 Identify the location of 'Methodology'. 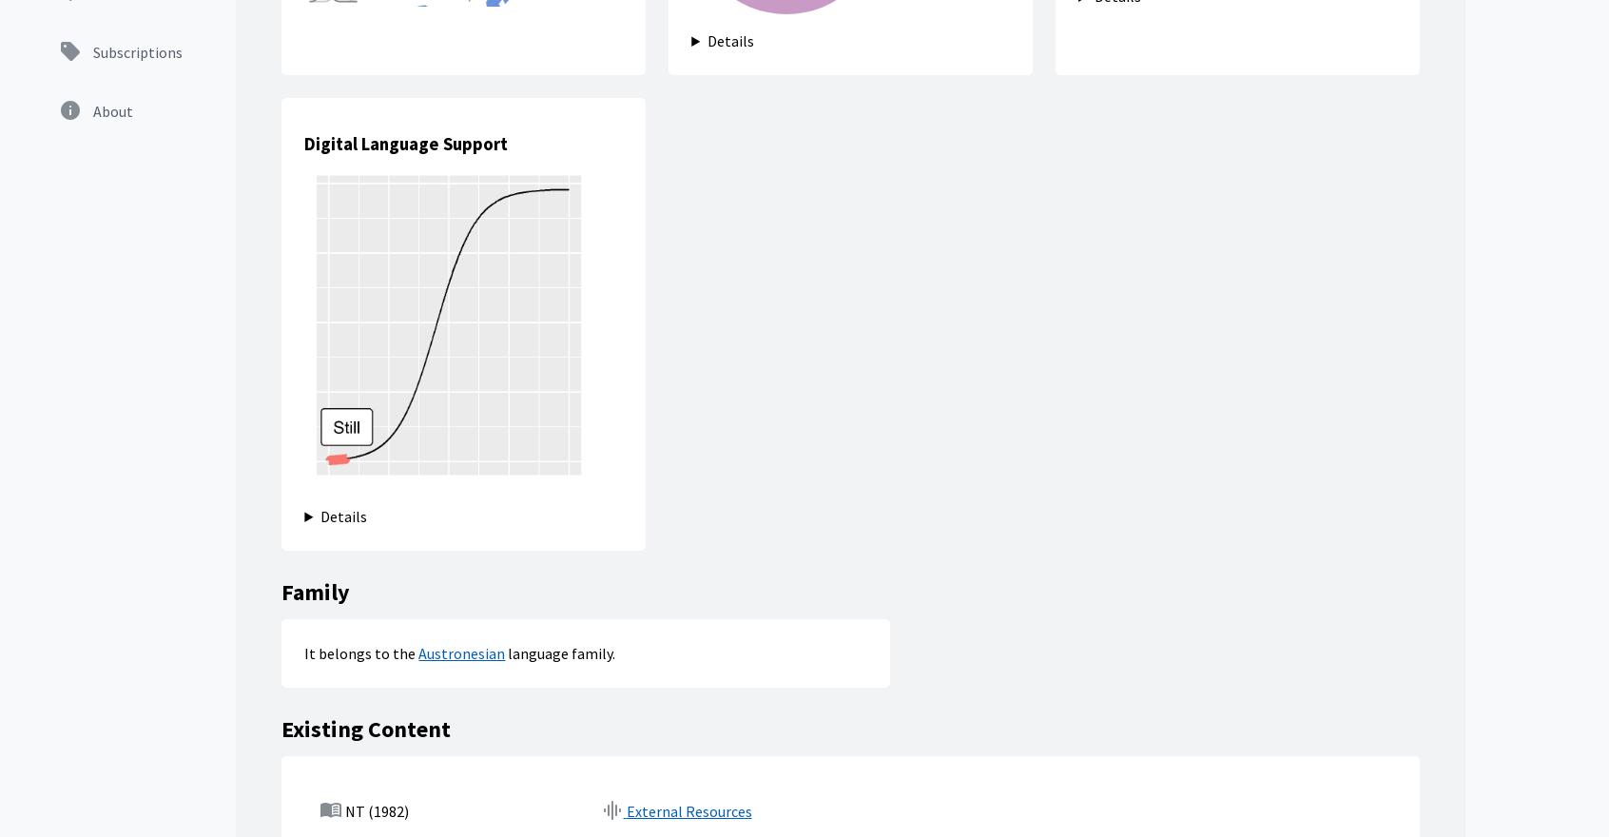
(868, 594).